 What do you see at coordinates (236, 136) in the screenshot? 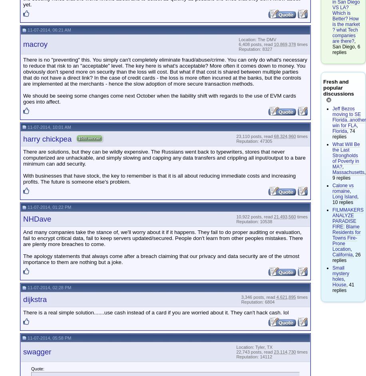
I see `'23,110 posts, read'` at bounding box center [236, 136].